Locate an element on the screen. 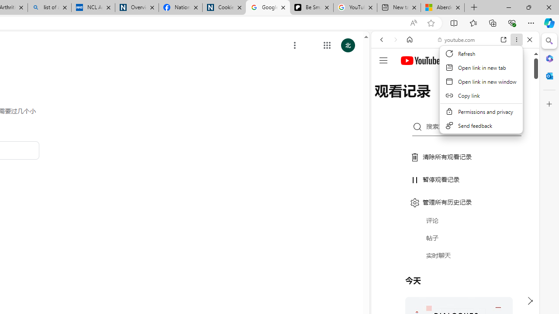  'Copy link' is located at coordinates (481, 95).